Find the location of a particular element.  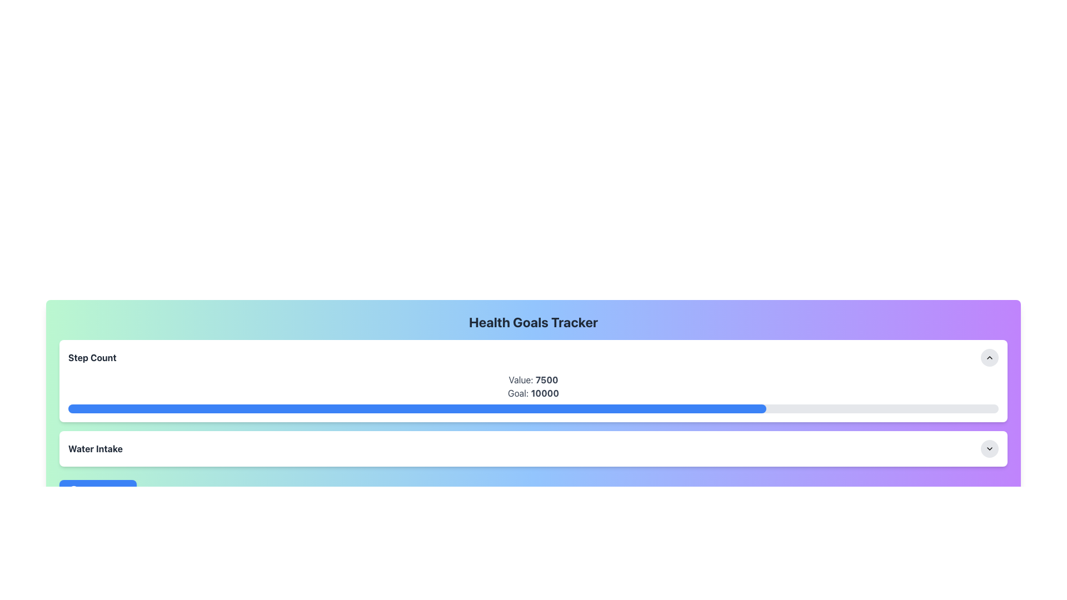

static text value '7500' which is displayed in bold dark gray, situated centrally beneath the heading 'Health Goals Tracker' and next to the label 'Value:' is located at coordinates (547, 379).